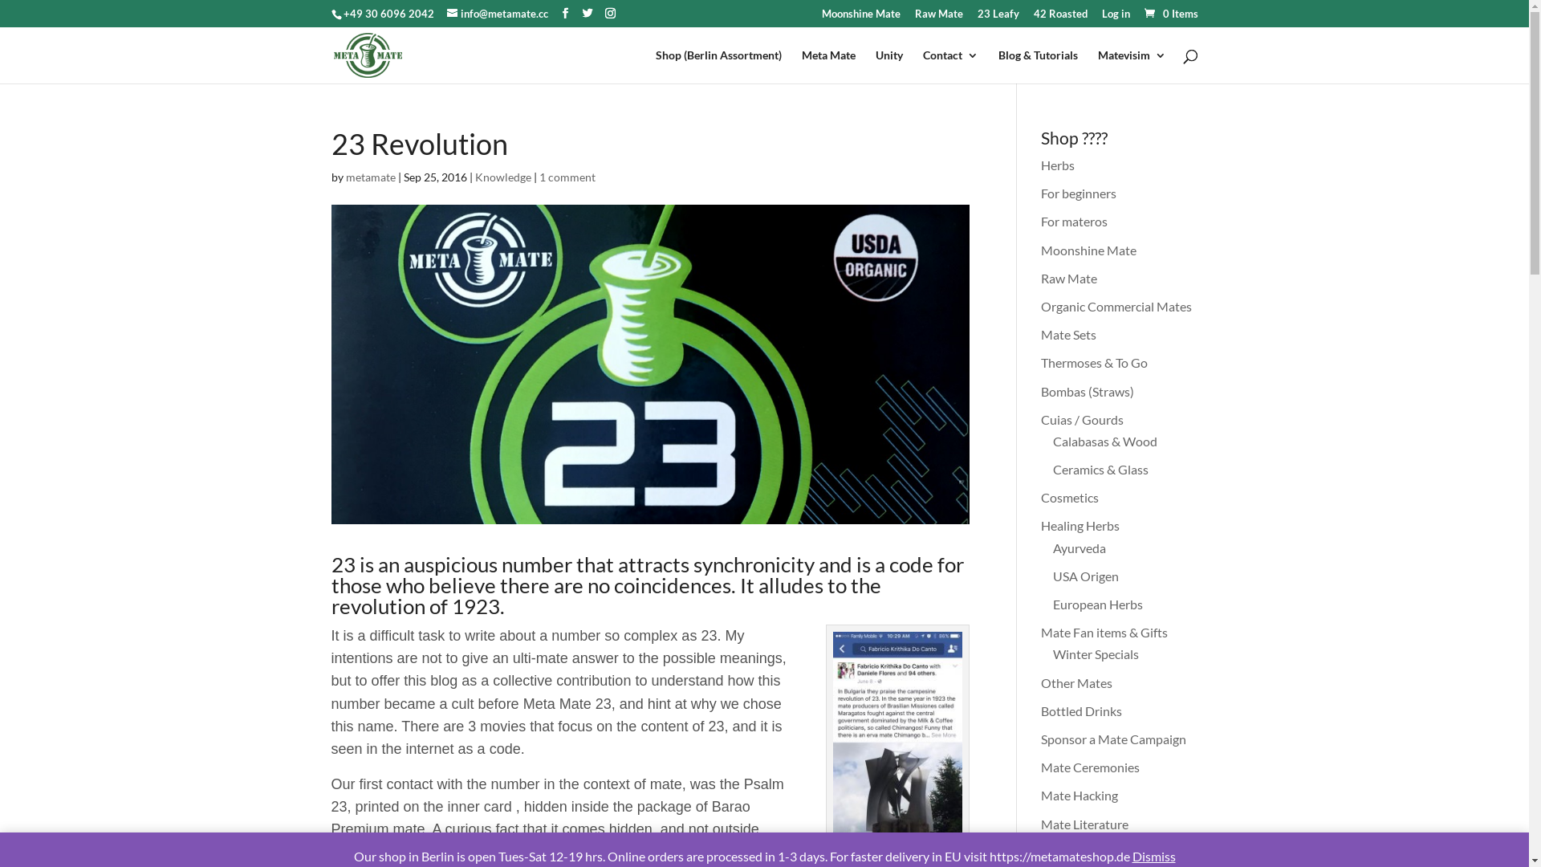 The image size is (1541, 867). What do you see at coordinates (1152, 855) in the screenshot?
I see `'Dismiss'` at bounding box center [1152, 855].